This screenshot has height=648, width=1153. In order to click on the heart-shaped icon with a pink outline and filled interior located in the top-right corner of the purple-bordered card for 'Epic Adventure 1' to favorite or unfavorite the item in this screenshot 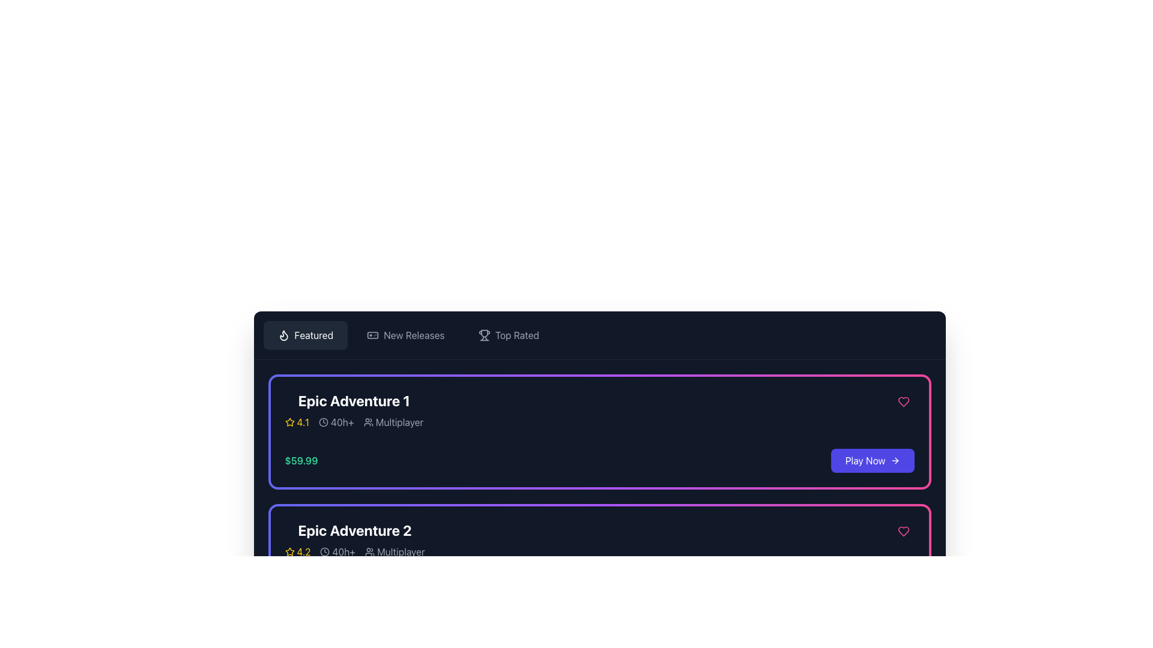, I will do `click(903, 402)`.